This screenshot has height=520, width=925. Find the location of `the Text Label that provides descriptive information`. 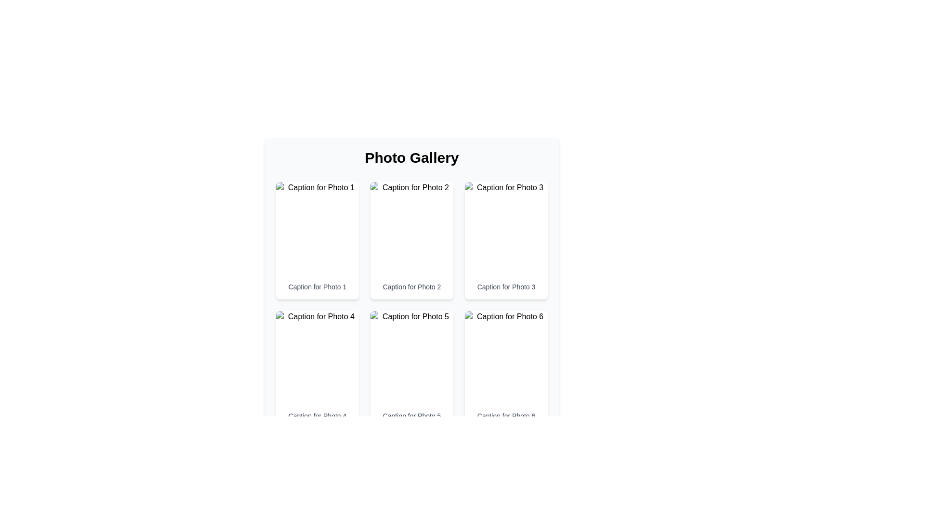

the Text Label that provides descriptive information is located at coordinates (411, 416).